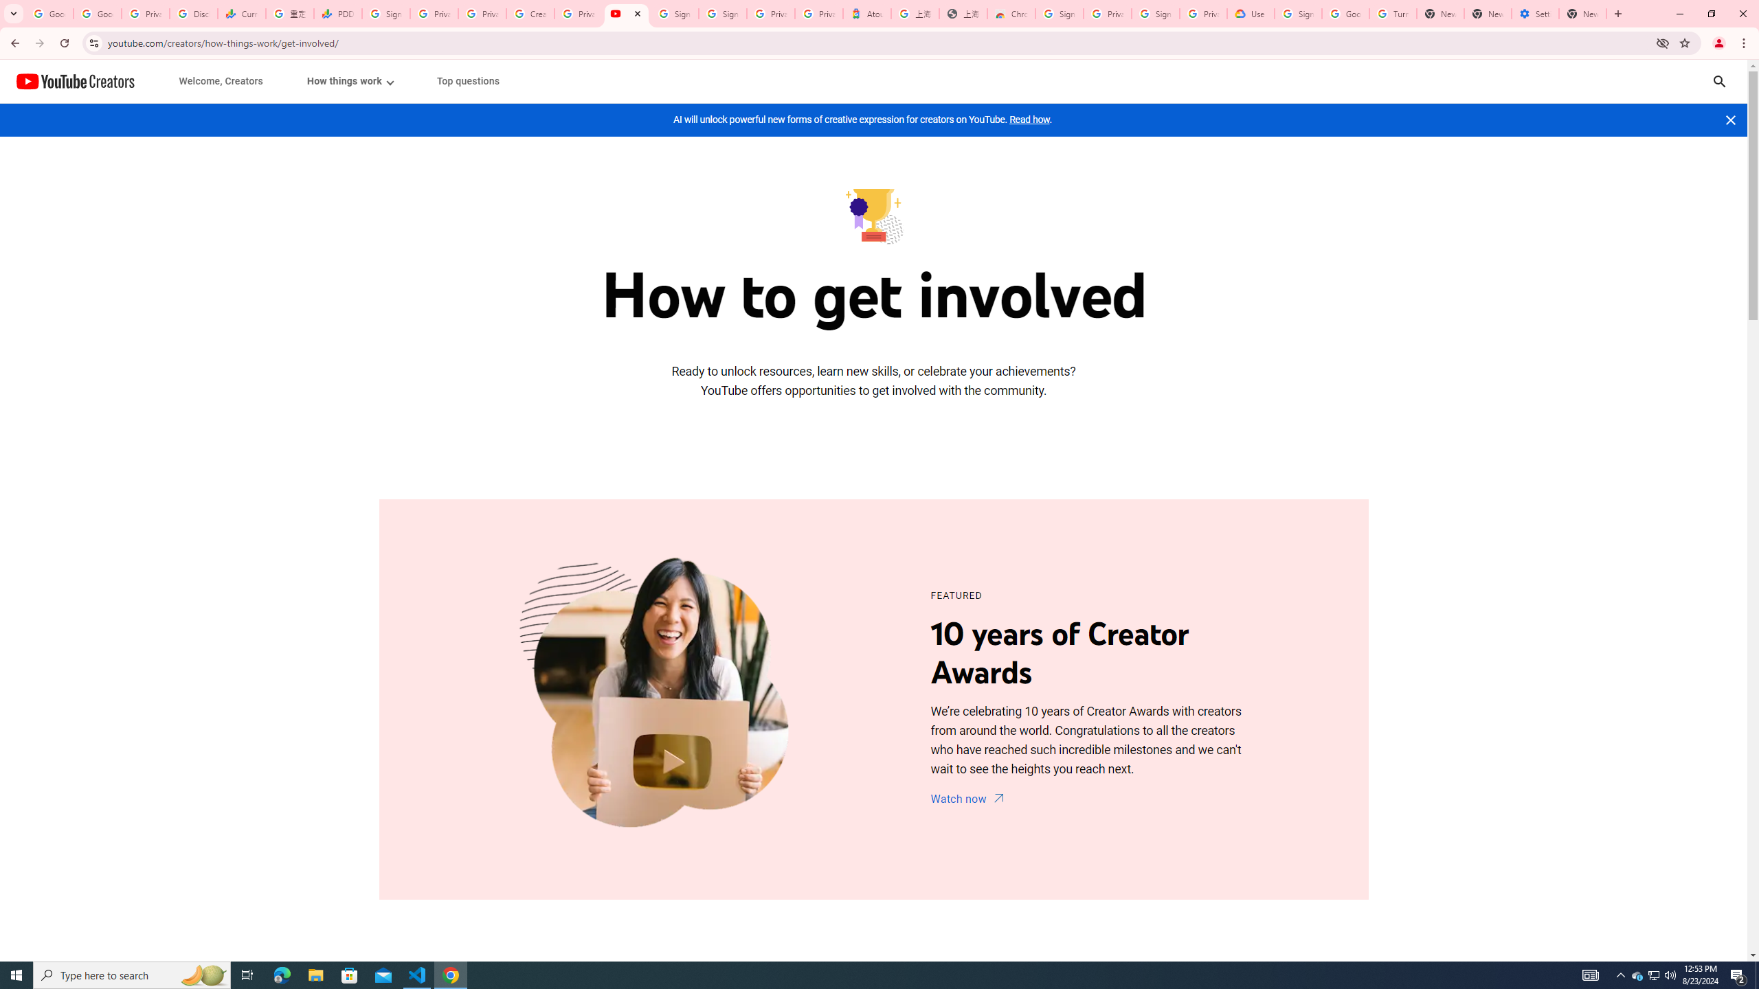 The image size is (1759, 989). What do you see at coordinates (969, 799) in the screenshot?
I see `'Watch now'` at bounding box center [969, 799].